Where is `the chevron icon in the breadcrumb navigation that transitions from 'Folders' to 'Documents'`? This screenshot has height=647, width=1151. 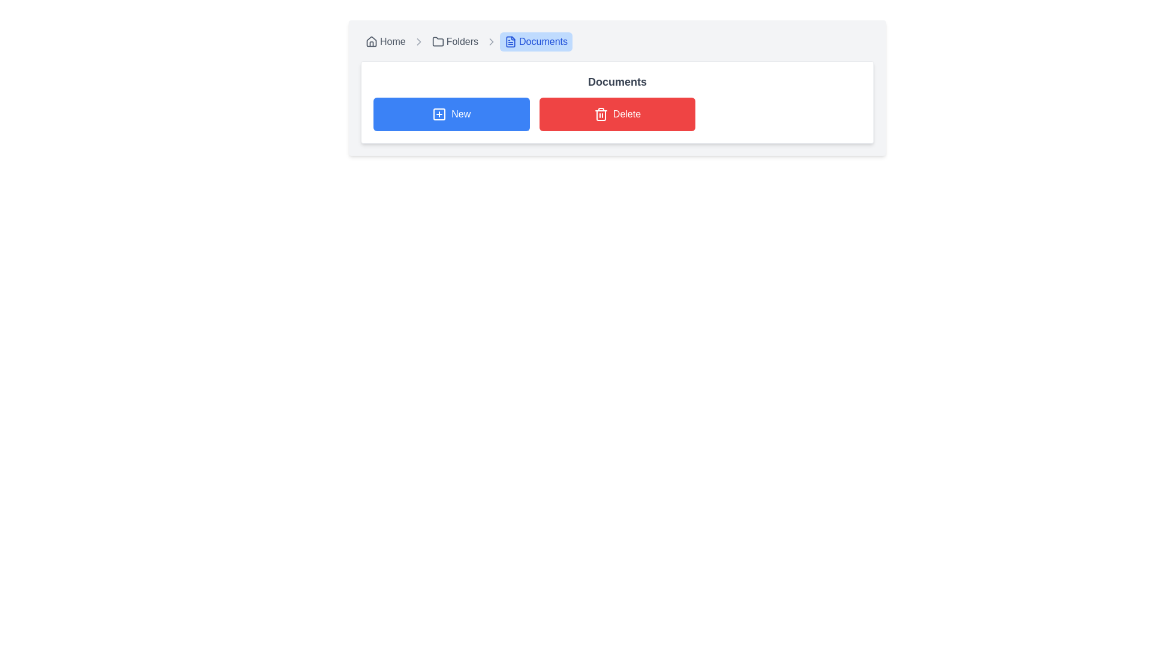 the chevron icon in the breadcrumb navigation that transitions from 'Folders' to 'Documents' is located at coordinates (492, 41).